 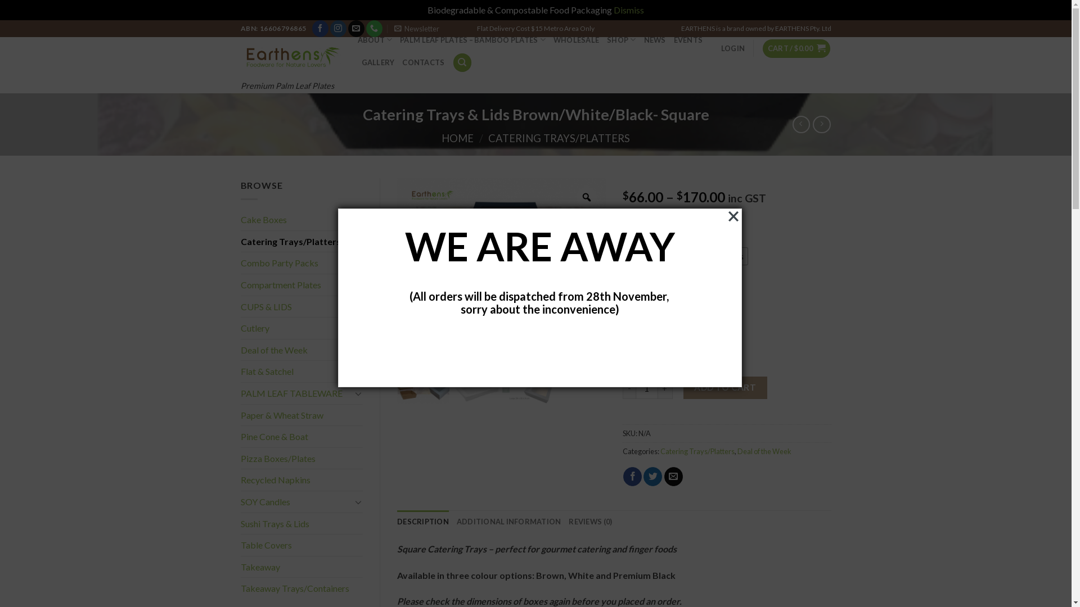 I want to click on 'CUPS & LIDS', so click(x=296, y=307).